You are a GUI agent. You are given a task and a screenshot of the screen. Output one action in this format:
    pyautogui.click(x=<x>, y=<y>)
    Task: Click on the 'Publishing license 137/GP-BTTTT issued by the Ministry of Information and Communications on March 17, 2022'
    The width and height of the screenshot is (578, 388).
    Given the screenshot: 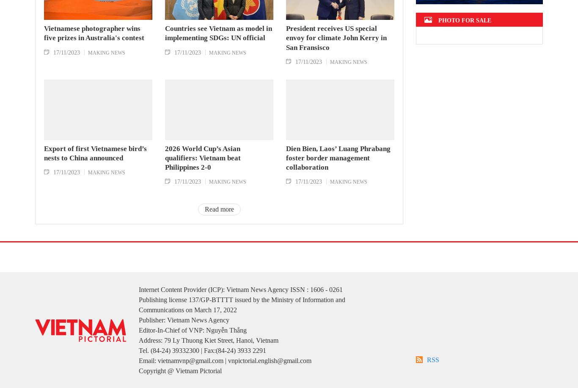 What is the action you would take?
    pyautogui.click(x=241, y=316)
    